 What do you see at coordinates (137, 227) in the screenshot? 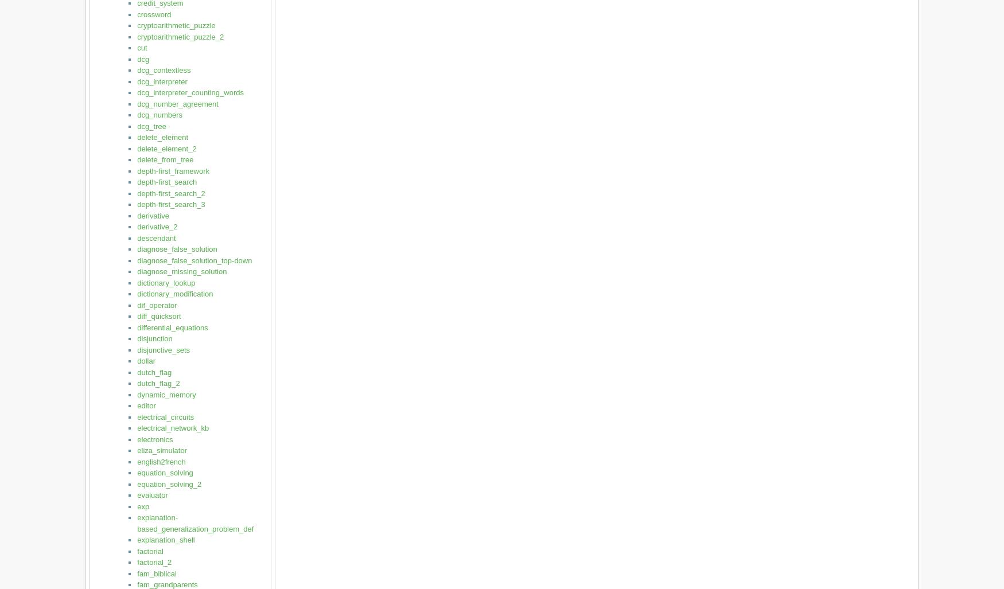
I see `'derivative_2'` at bounding box center [137, 227].